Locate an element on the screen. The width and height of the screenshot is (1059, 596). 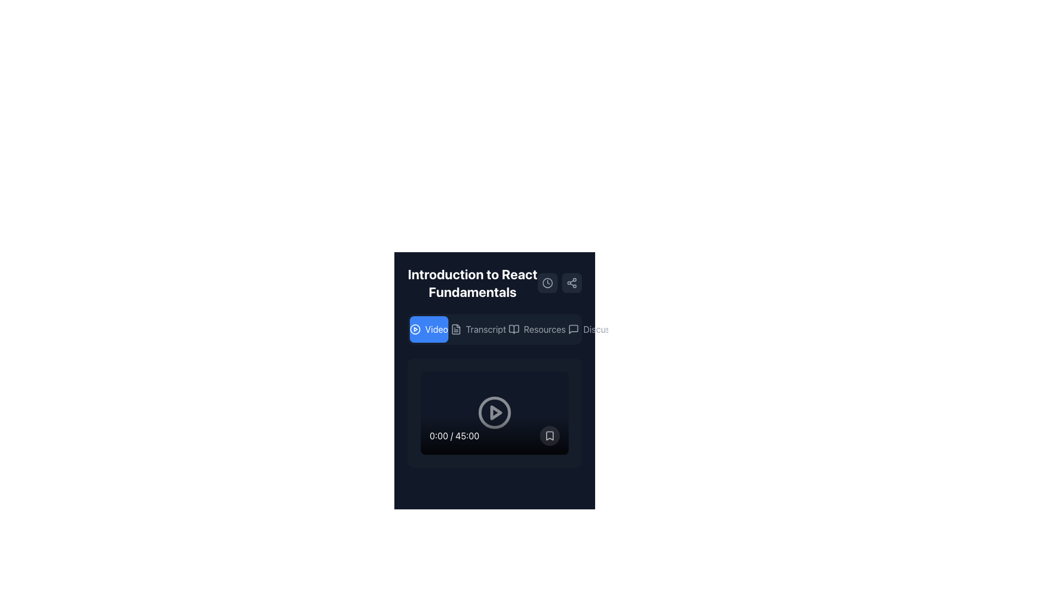
the 'Resources' button, which features a book-like icon and is located is located at coordinates (537, 329).